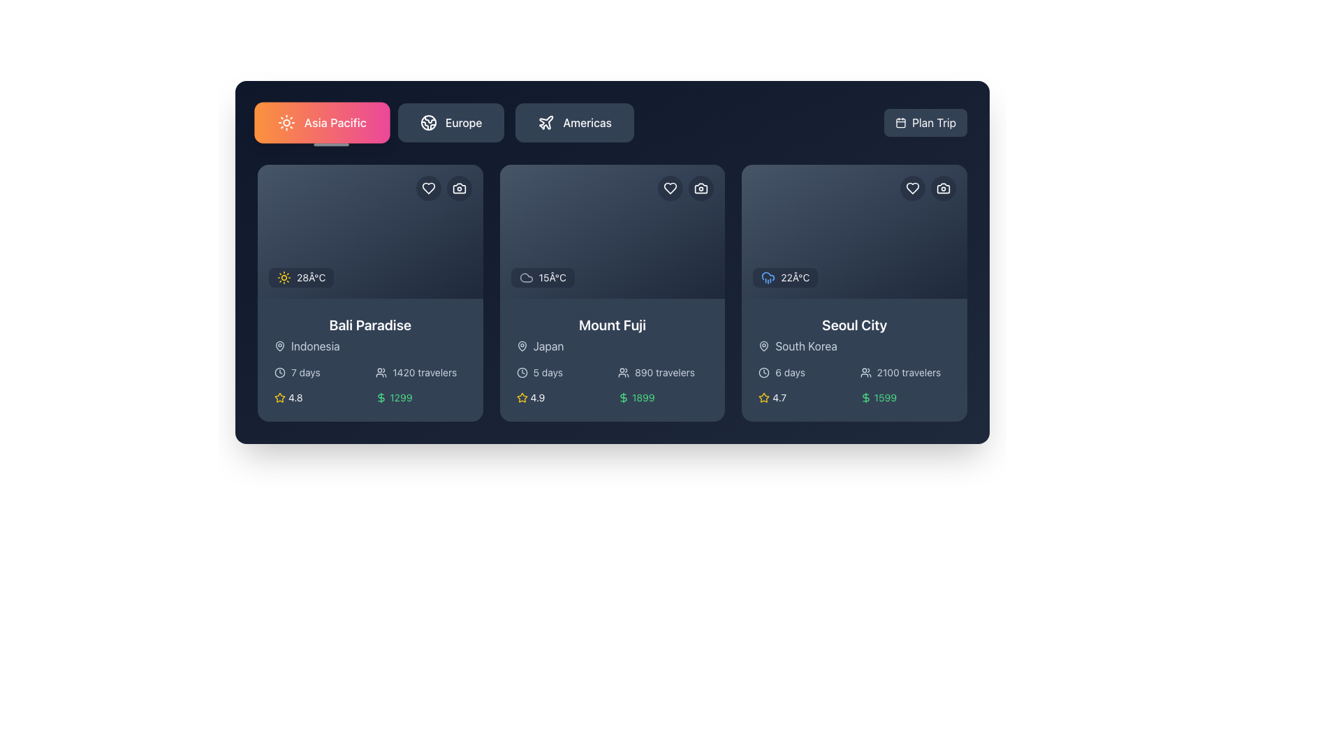  Describe the element at coordinates (464, 122) in the screenshot. I see `text of the label containing the word 'Europe', styled with white text on a medium-dark background, located within the second button from the left in a horizontal row of navigation options` at that location.